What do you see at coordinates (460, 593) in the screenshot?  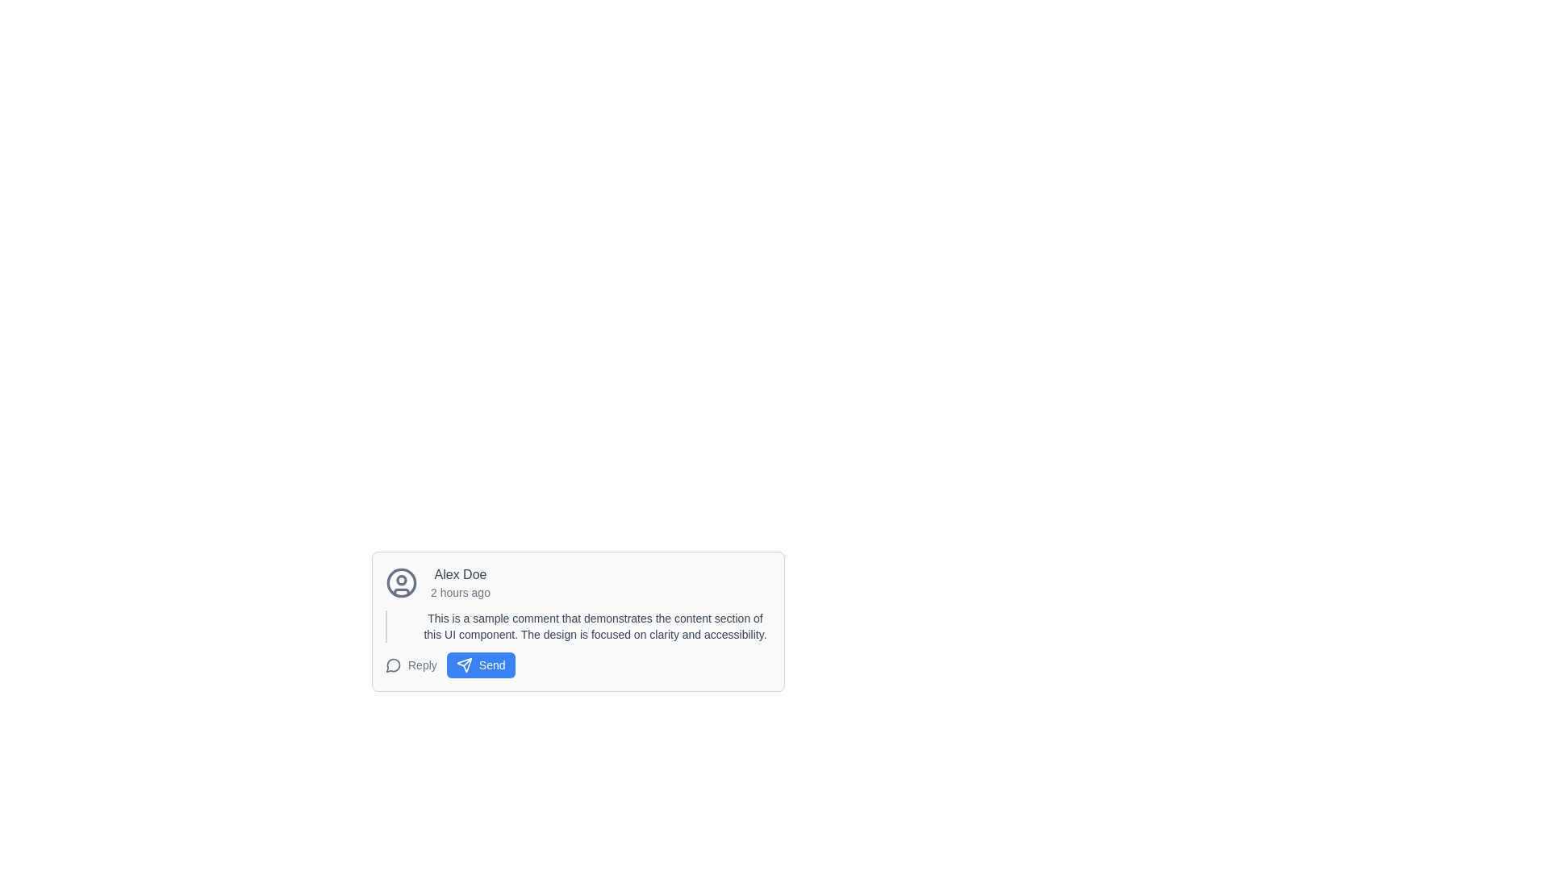 I see `information displayed in the Text Label that shows '2 hours ago', which is located underneath the username 'Alex Doe' in the comment card layout` at bounding box center [460, 593].